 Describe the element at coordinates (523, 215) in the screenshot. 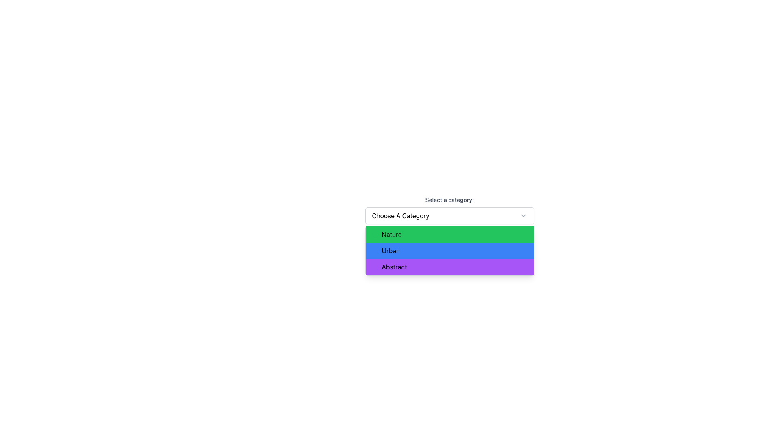

I see `the downward-facing chevron icon located on the right side of the dropdown field in the 'Choose a category' section to navigate through options` at that location.